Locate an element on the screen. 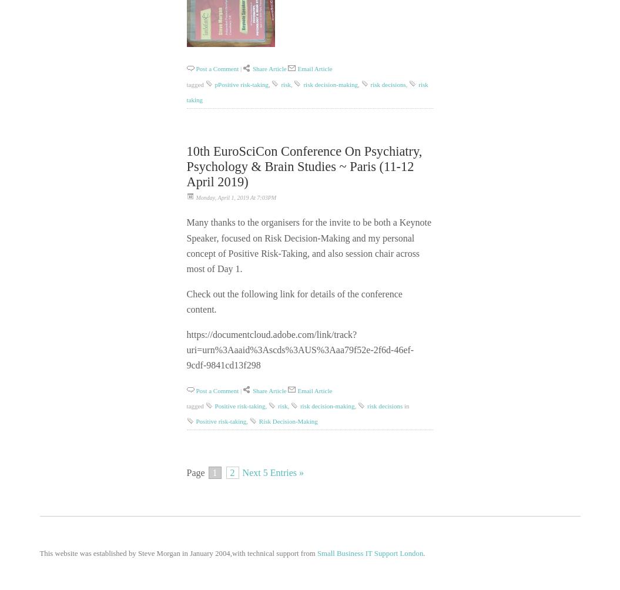 The image size is (620, 590). '.' is located at coordinates (424, 552).